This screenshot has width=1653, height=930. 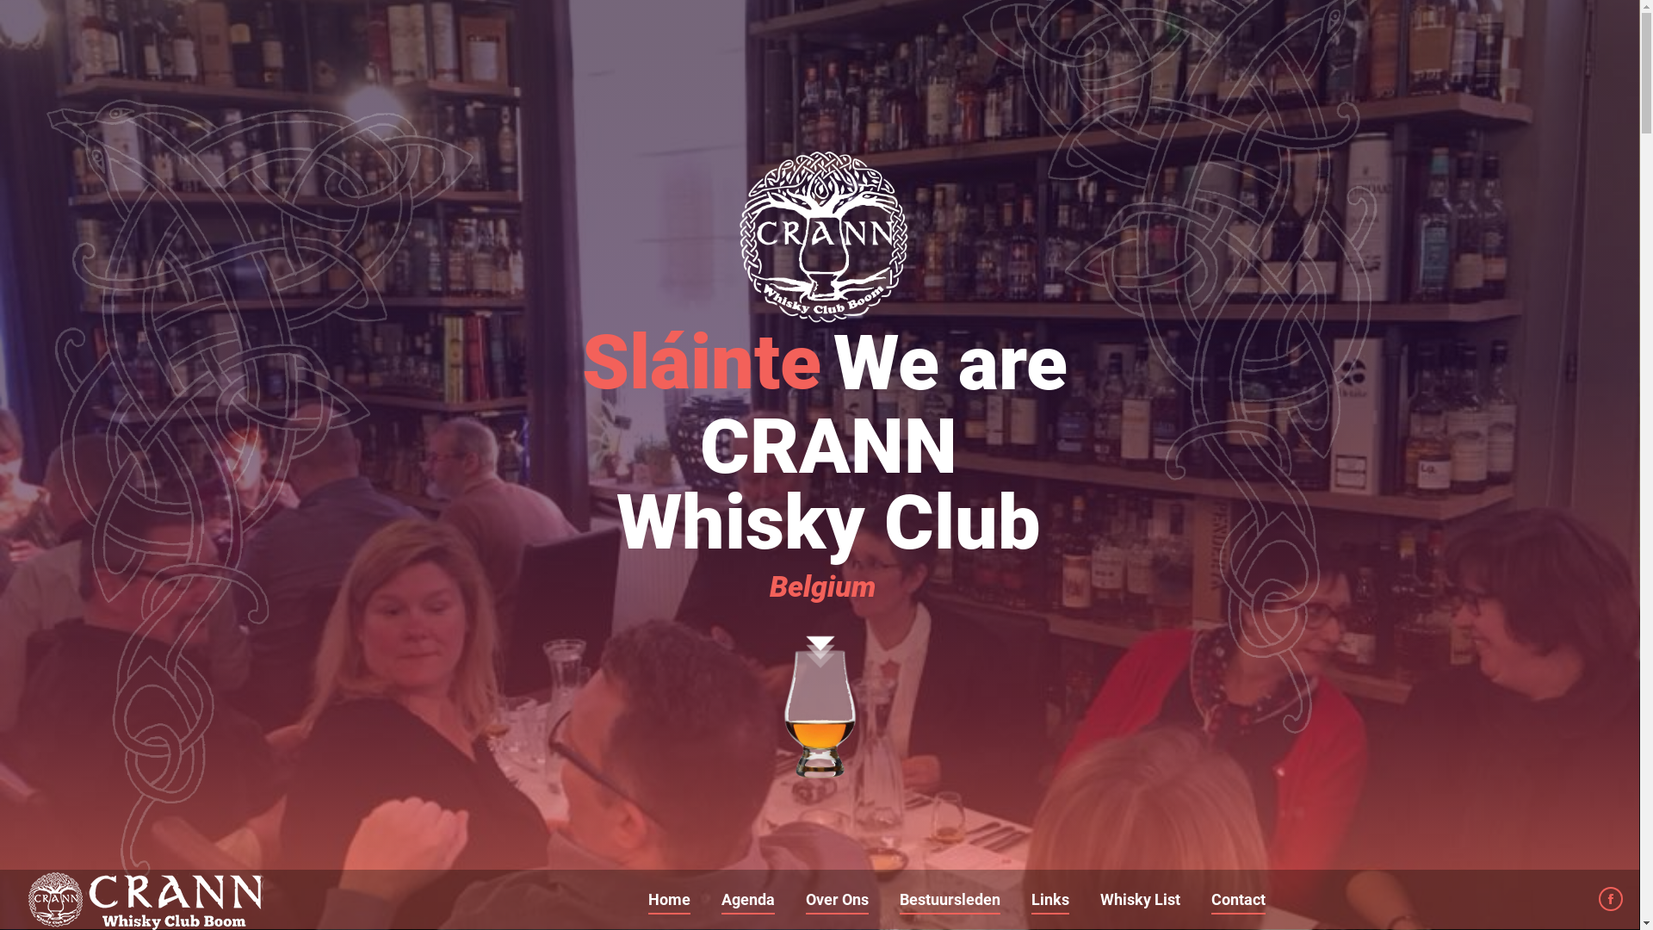 What do you see at coordinates (1028, 899) in the screenshot?
I see `'Links'` at bounding box center [1028, 899].